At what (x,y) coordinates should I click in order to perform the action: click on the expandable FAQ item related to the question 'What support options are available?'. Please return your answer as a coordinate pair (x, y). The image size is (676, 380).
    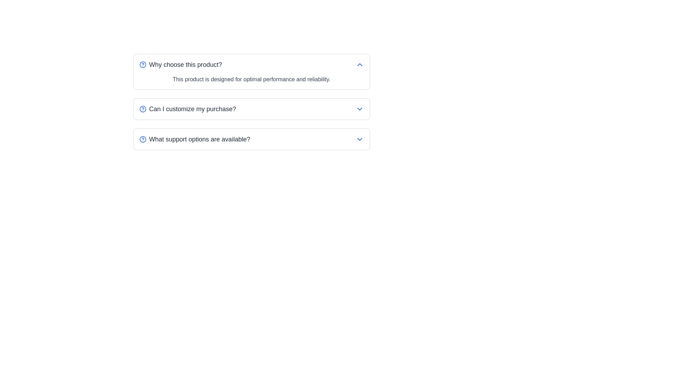
    Looking at the image, I should click on (251, 139).